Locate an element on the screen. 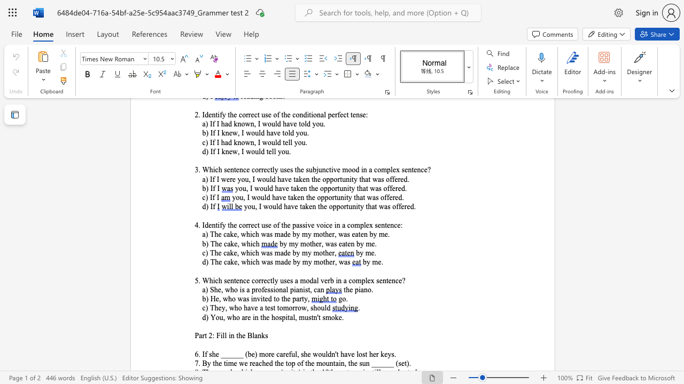 This screenshot has width=684, height=384. the space between the continuous character "e" and "r" in the text is located at coordinates (331, 262).